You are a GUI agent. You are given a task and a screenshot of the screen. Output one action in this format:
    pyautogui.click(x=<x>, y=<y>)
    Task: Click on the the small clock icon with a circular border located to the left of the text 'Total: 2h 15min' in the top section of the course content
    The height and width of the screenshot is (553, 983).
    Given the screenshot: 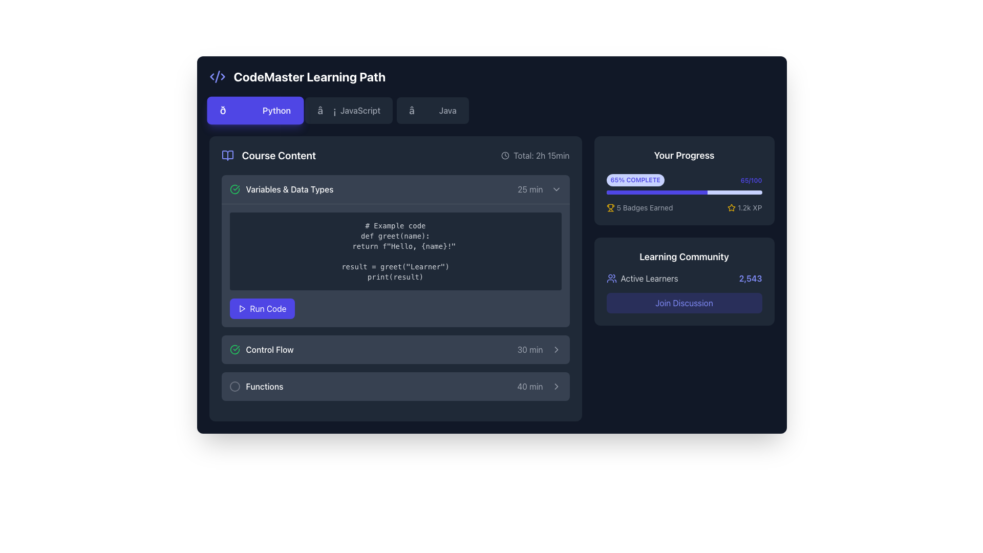 What is the action you would take?
    pyautogui.click(x=505, y=156)
    